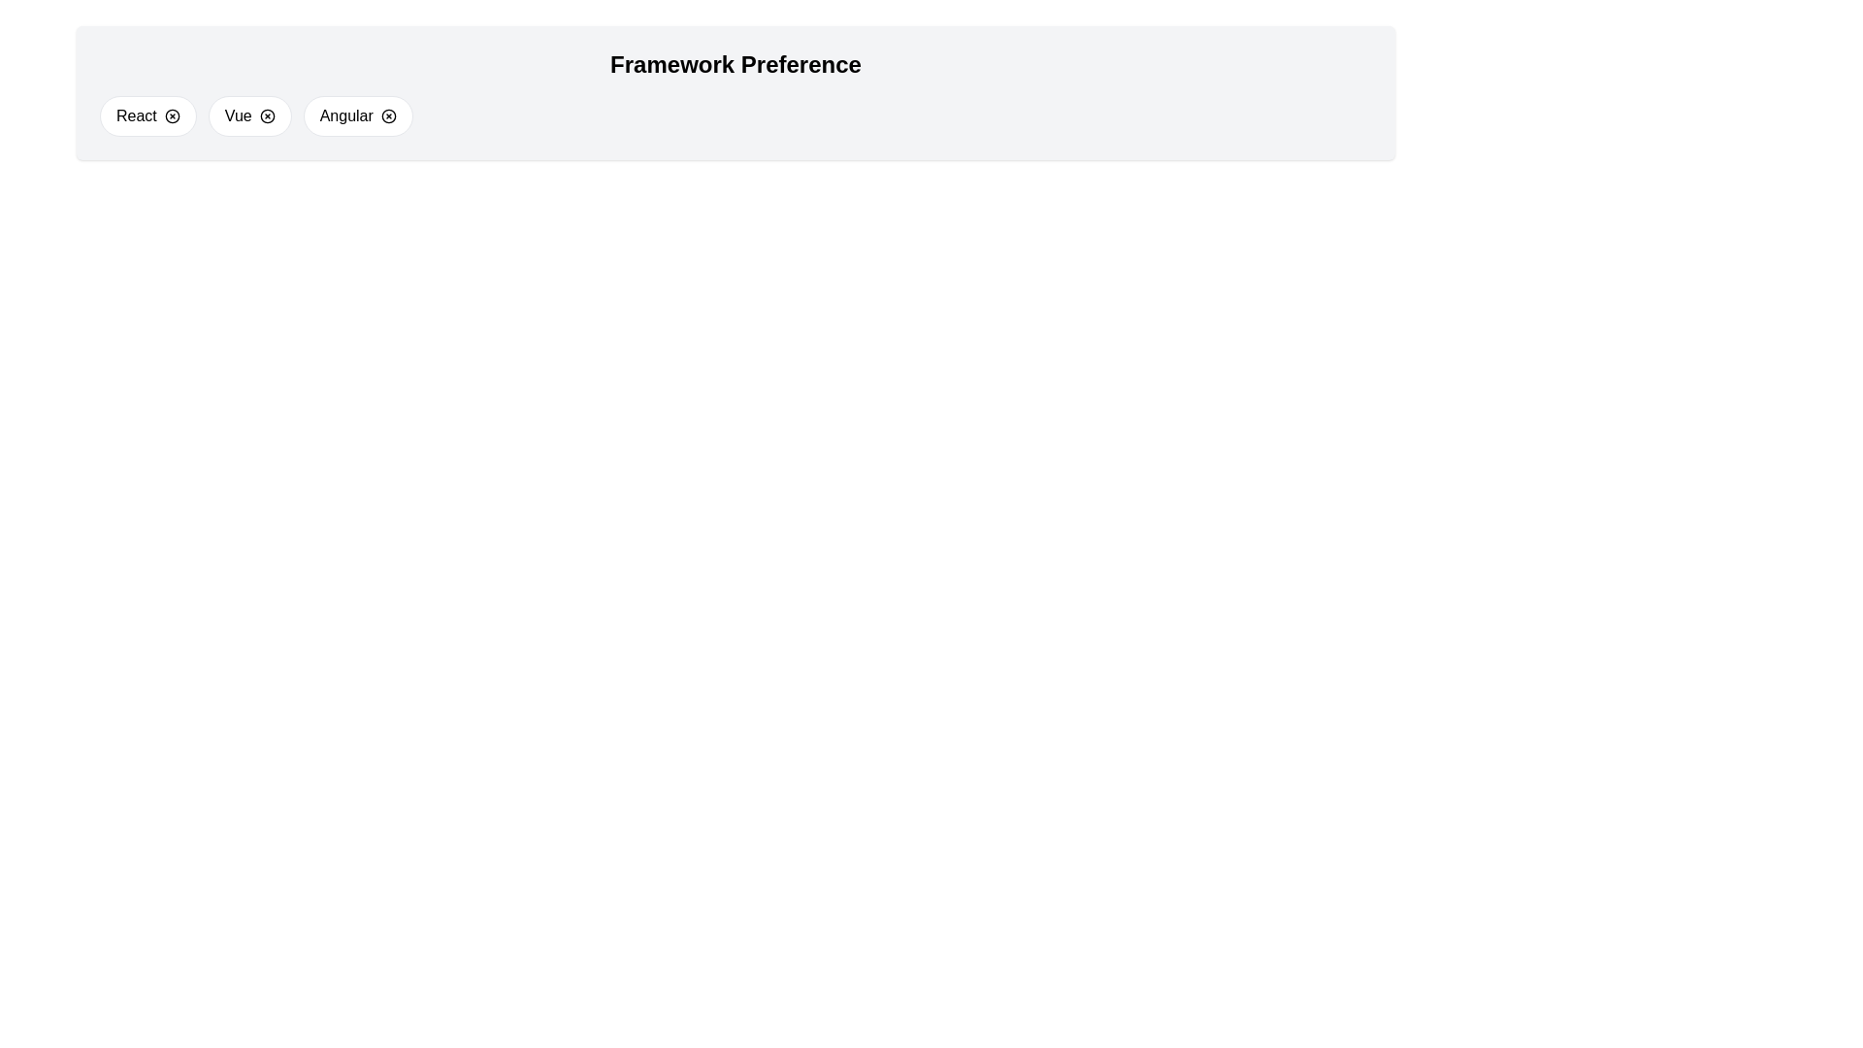  What do you see at coordinates (358, 115) in the screenshot?
I see `the chip labeled Angular` at bounding box center [358, 115].